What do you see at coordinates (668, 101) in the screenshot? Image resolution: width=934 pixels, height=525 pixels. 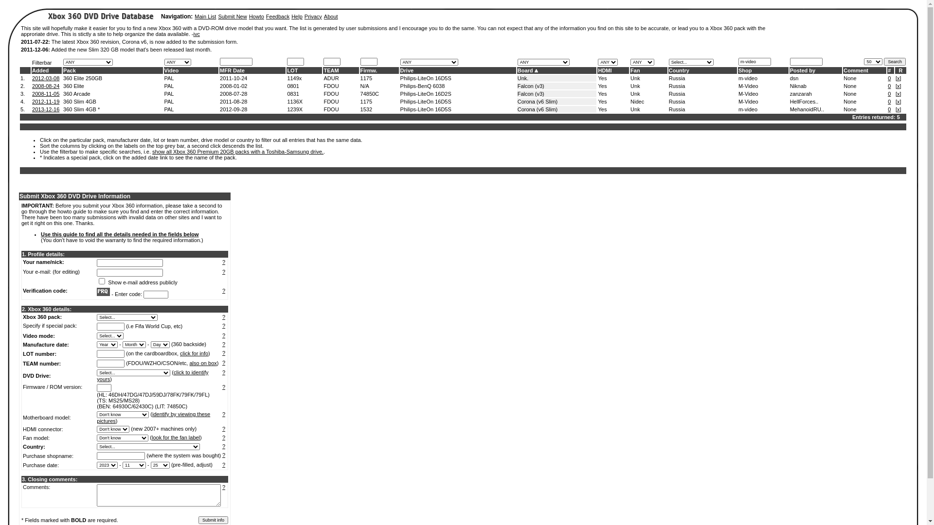 I see `'Russia'` at bounding box center [668, 101].